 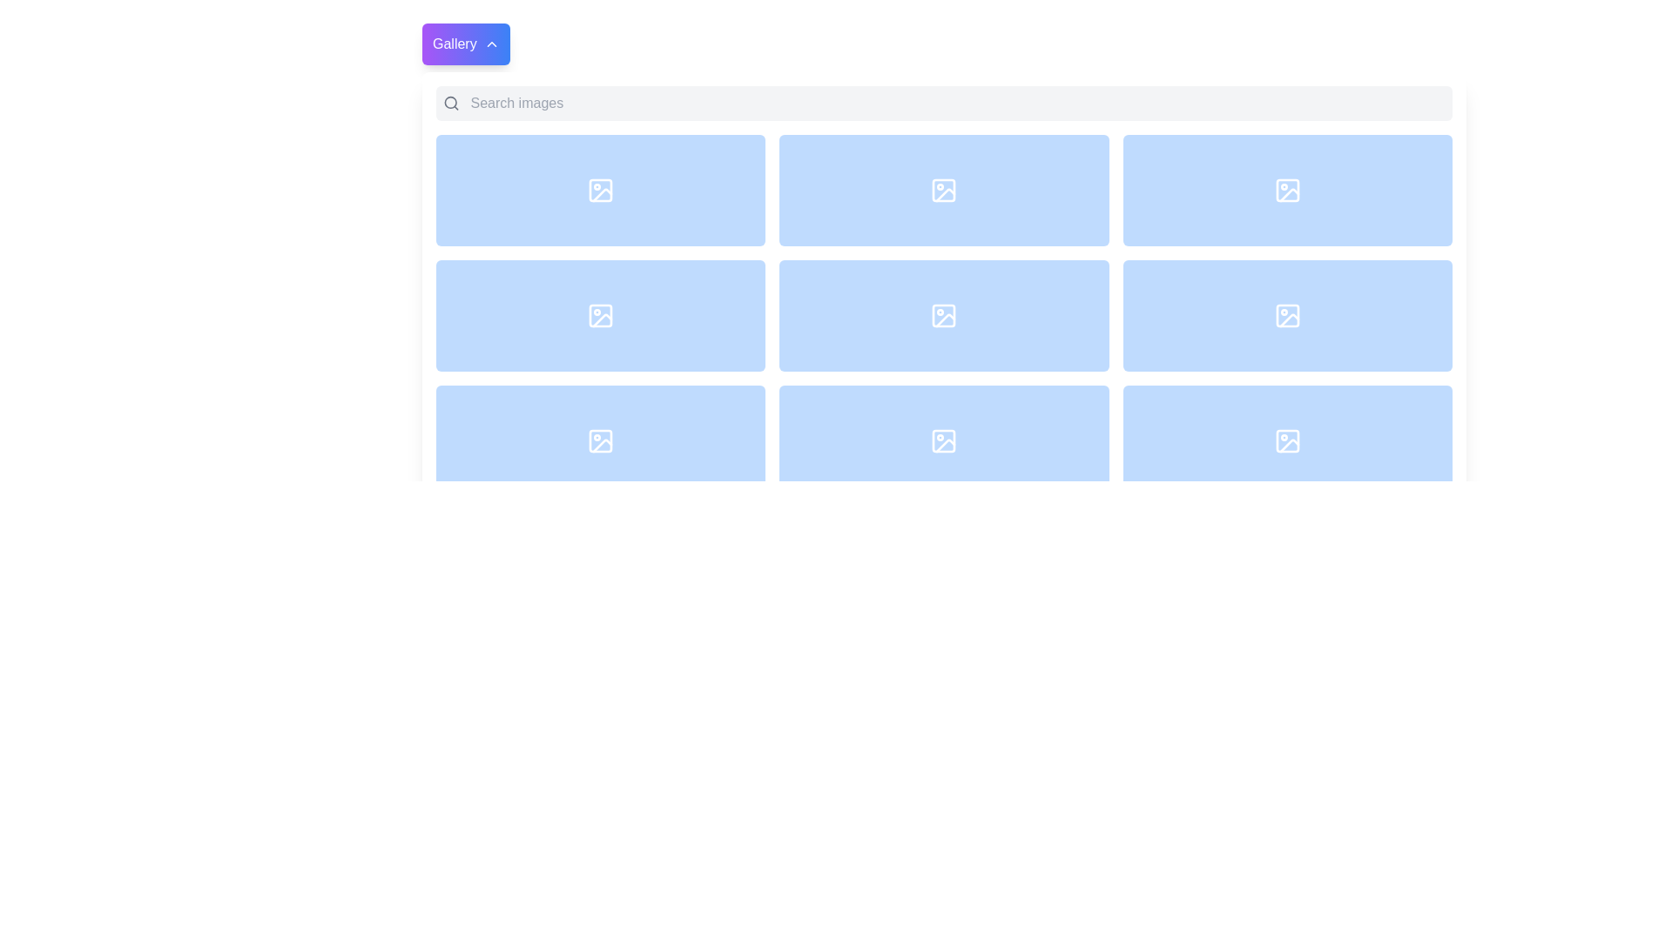 I want to click on the minimalistic rectangular icon with rounded corners located in the middle row of the grid layout, representing a placeholder or thumbnail, so click(x=601, y=315).